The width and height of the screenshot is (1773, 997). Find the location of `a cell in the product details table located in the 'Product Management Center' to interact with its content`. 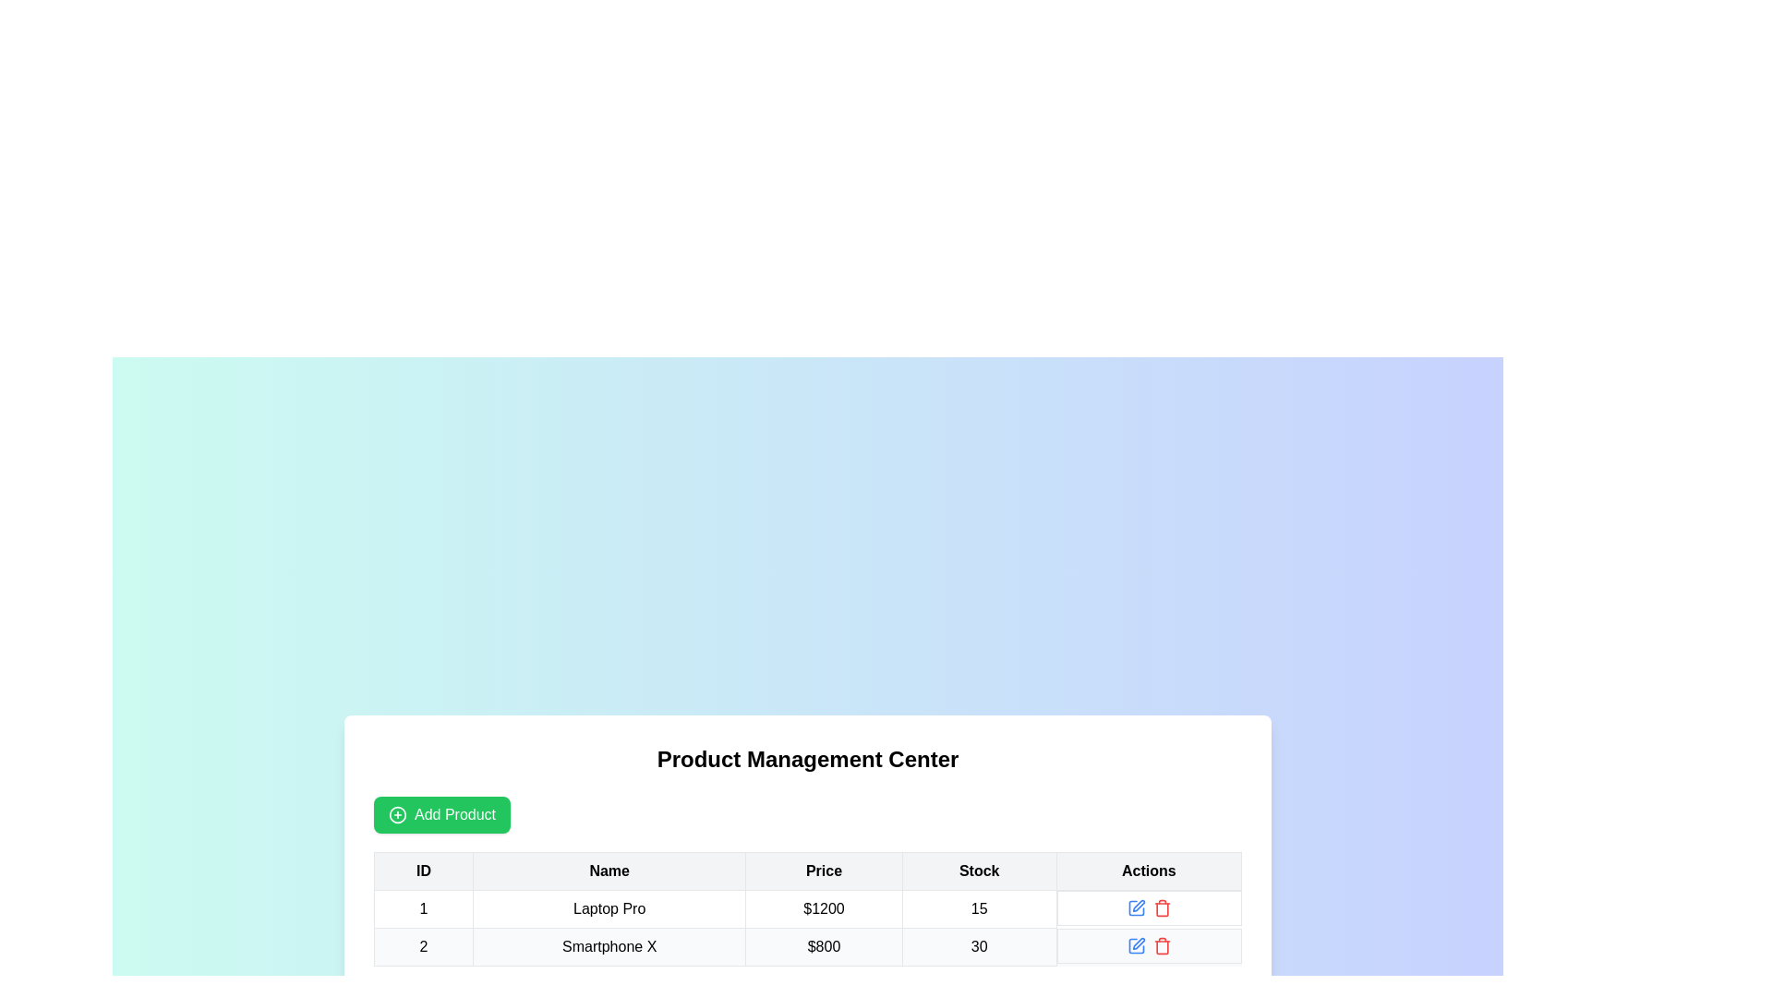

a cell in the product details table located in the 'Product Management Center' to interact with its content is located at coordinates (807, 907).